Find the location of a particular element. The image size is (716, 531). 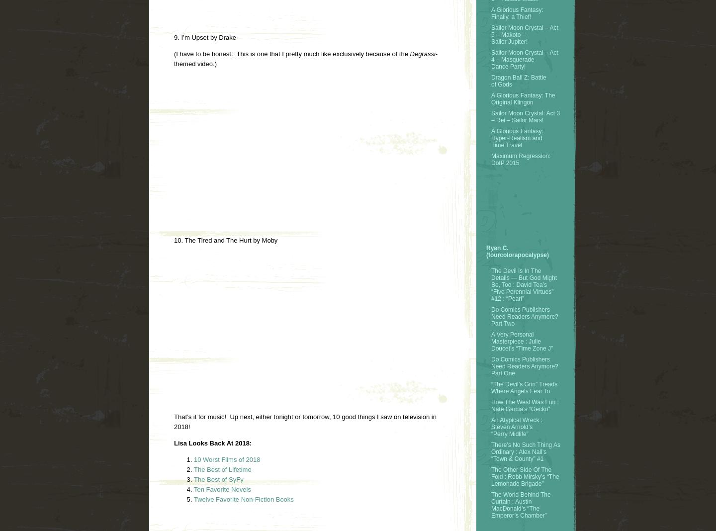

'9. I’m Upset by Drake' is located at coordinates (204, 37).